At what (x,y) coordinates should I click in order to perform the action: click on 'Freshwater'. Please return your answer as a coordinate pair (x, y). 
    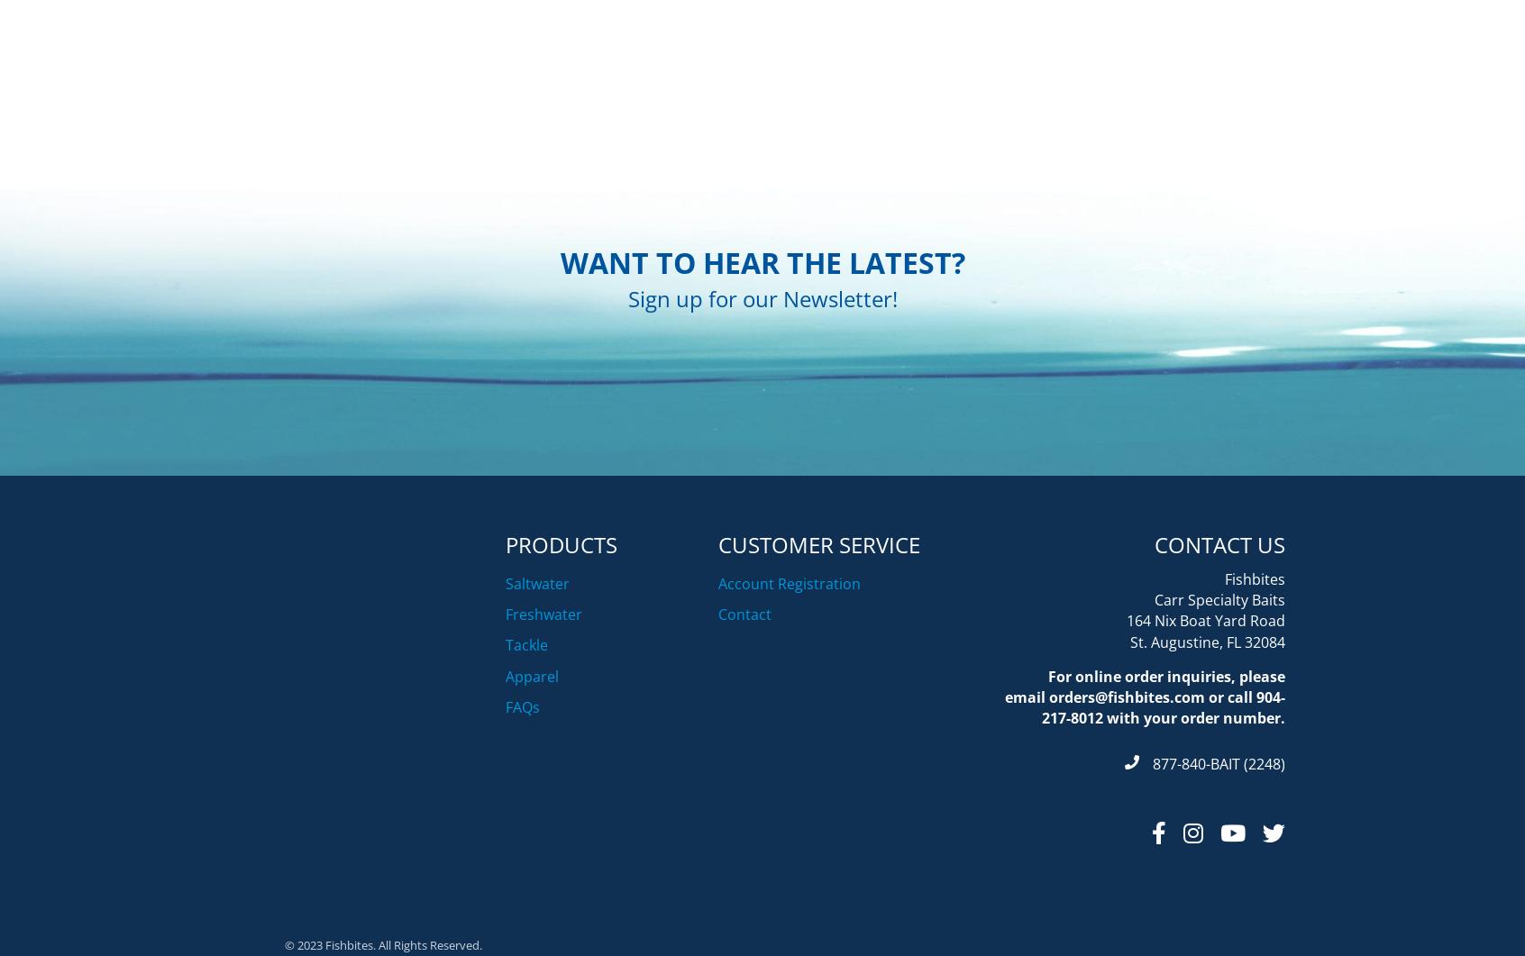
    Looking at the image, I should click on (543, 704).